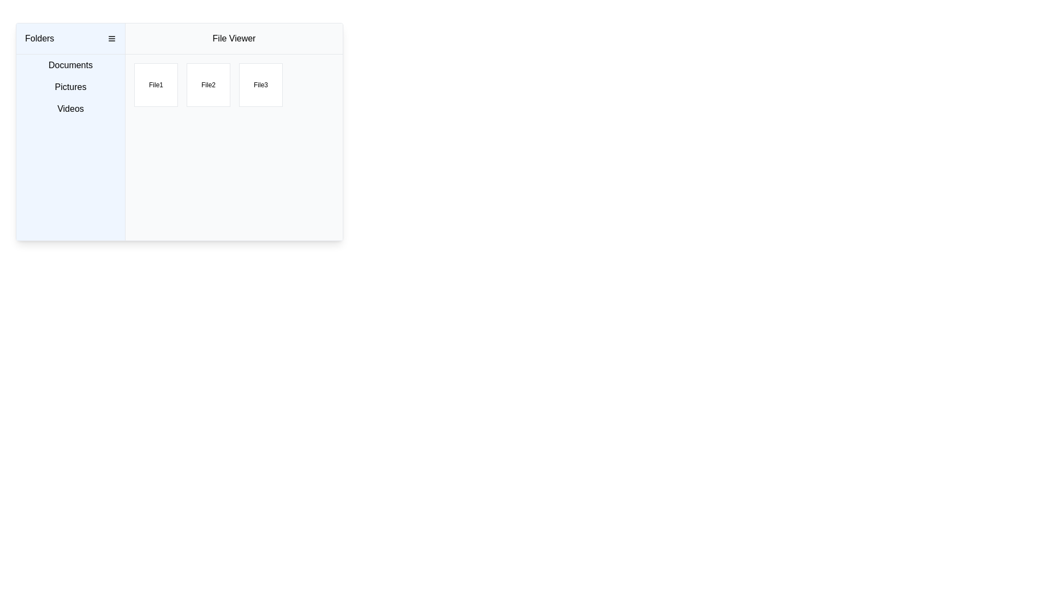  What do you see at coordinates (70, 131) in the screenshot?
I see `the Sidebar Menu` at bounding box center [70, 131].